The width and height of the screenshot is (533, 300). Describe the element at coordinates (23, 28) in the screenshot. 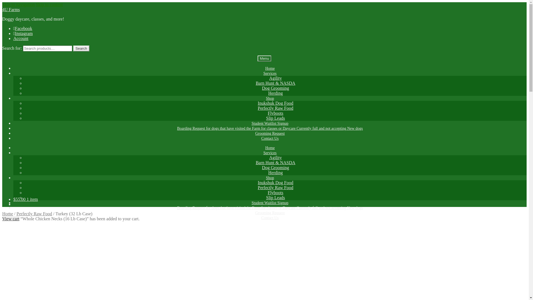

I see `'Facebook'` at that location.